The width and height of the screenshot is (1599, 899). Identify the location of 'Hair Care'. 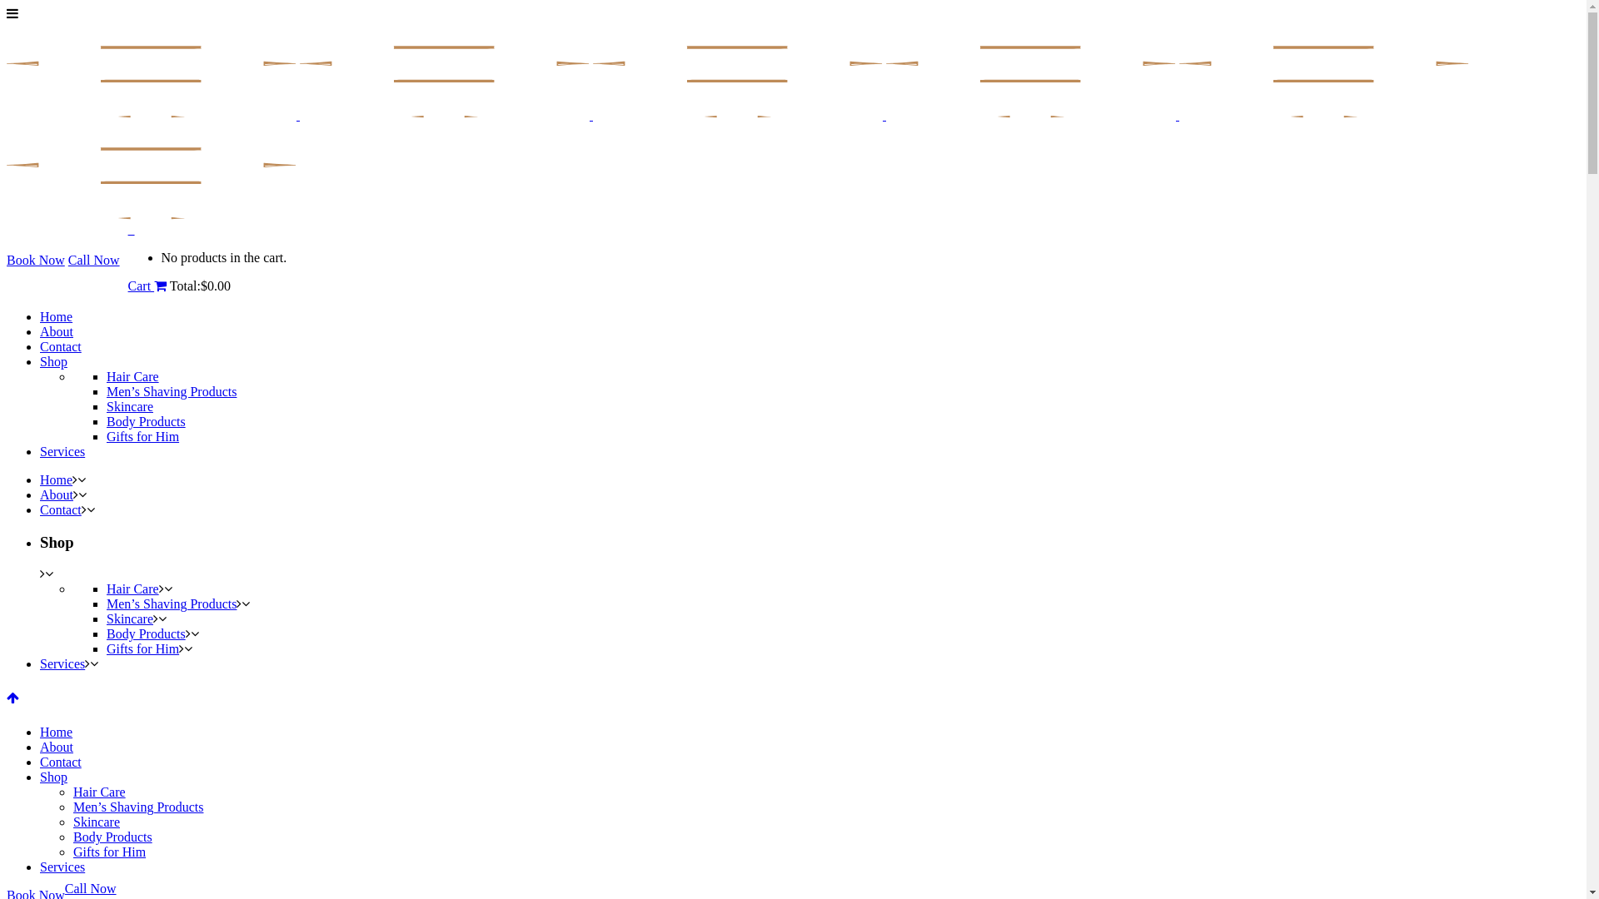
(106, 376).